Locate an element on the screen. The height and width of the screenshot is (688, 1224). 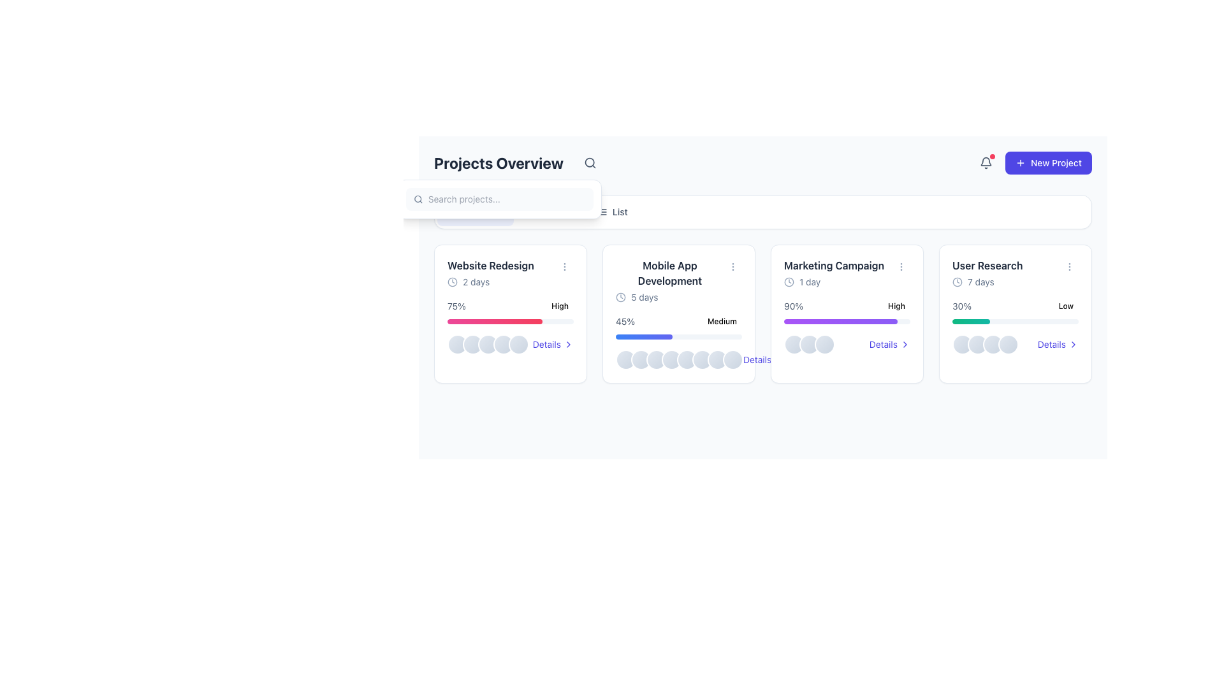
the progress indicator showing 45% completion of the 'Mobile App Development' task, located in the second card is located at coordinates (644, 336).